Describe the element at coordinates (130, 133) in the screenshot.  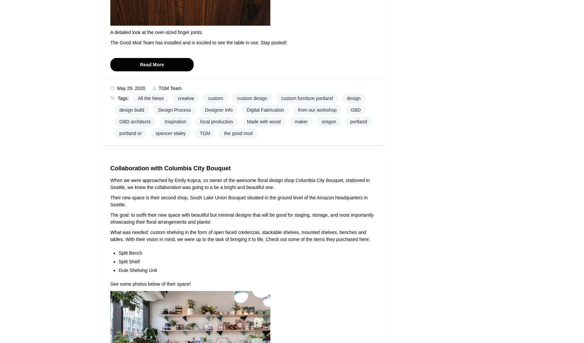
I see `'portland or'` at that location.